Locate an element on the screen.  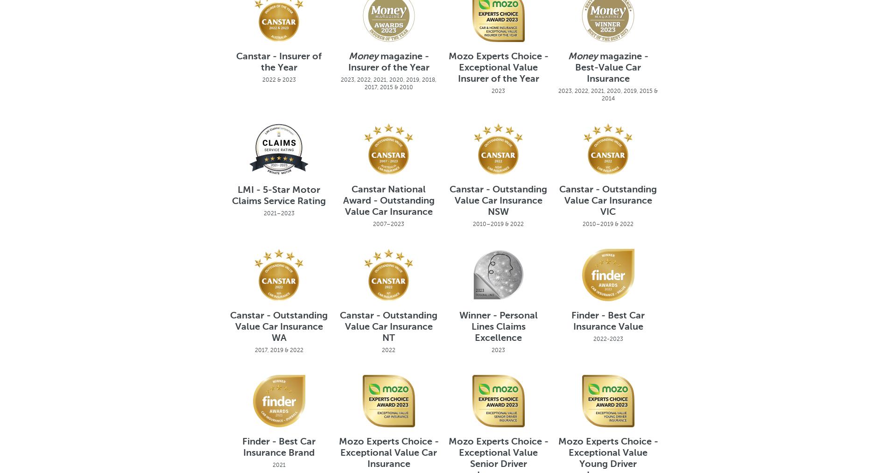
'Finder - Best Car Insurance Value' is located at coordinates (607, 321).